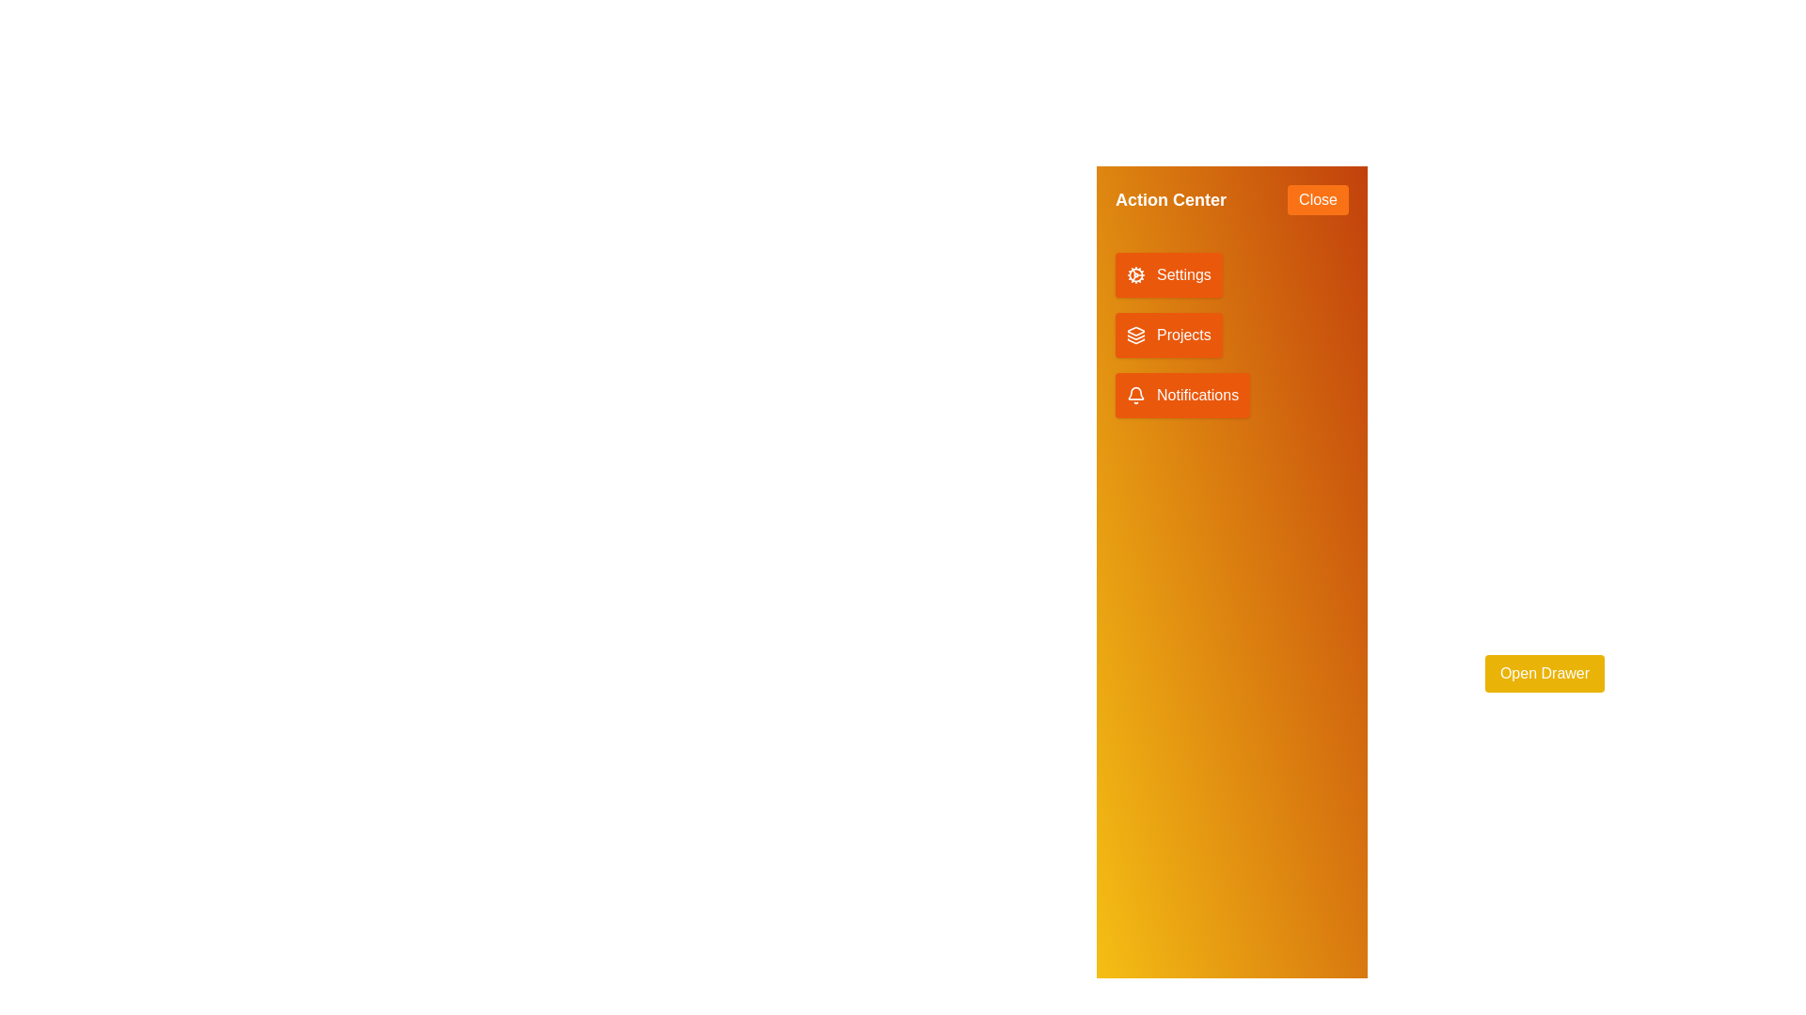 The width and height of the screenshot is (1806, 1015). Describe the element at coordinates (1167, 275) in the screenshot. I see `the 'Settings' button to access settings` at that location.